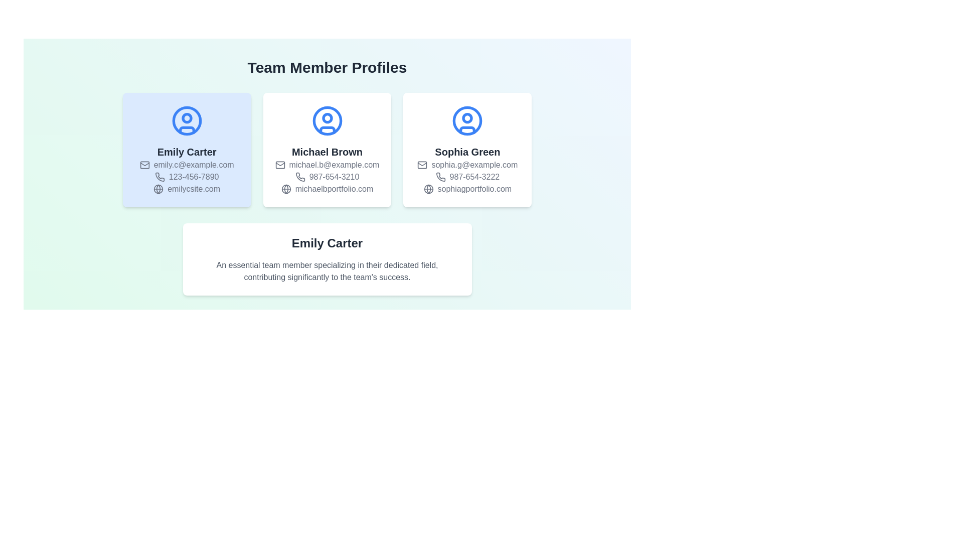 This screenshot has width=963, height=542. What do you see at coordinates (159, 176) in the screenshot?
I see `the contact phone number icon for 'Emily Carter' located in the 'Team Member Profiles' section, positioned above the phone number (123-456-7890) and below the email icon` at bounding box center [159, 176].